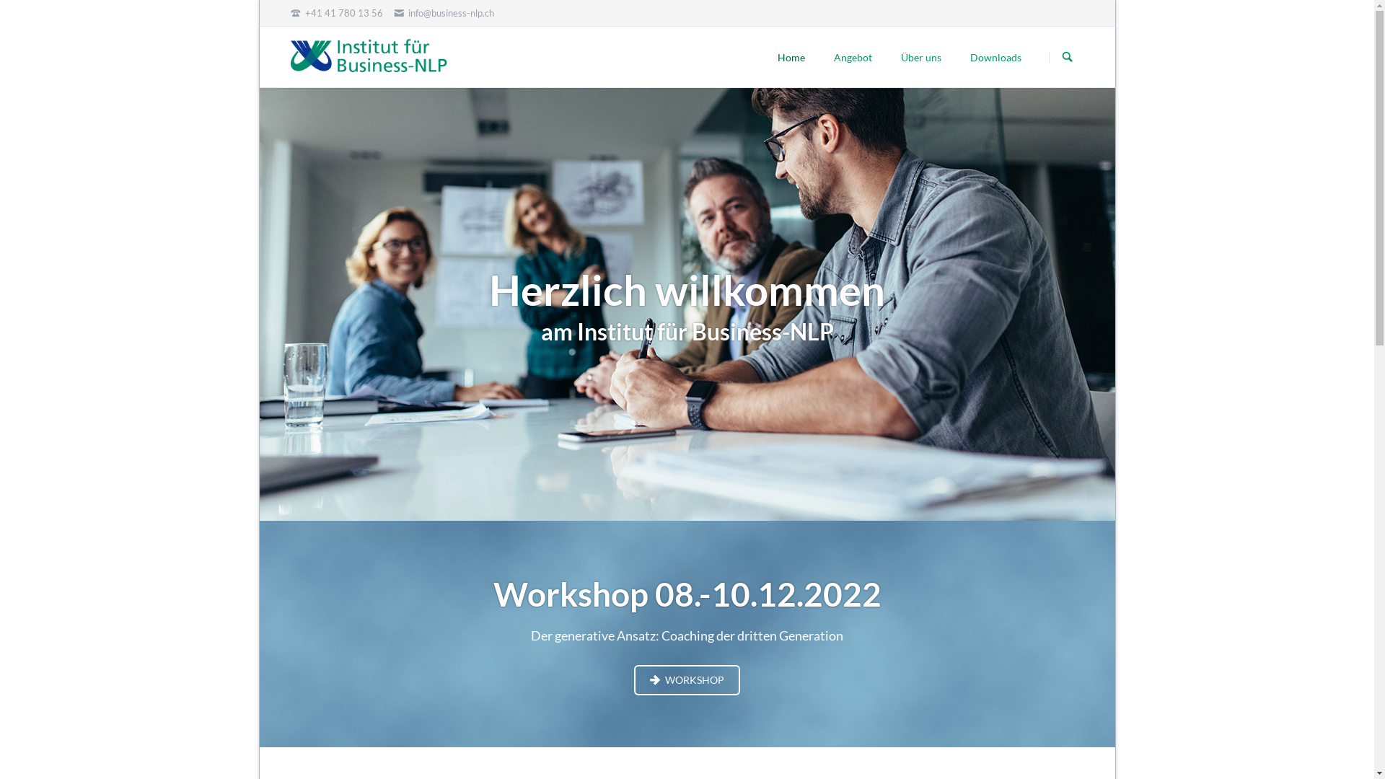 The width and height of the screenshot is (1385, 779). What do you see at coordinates (335, 13) in the screenshot?
I see `'+41 41 780 13 56'` at bounding box center [335, 13].